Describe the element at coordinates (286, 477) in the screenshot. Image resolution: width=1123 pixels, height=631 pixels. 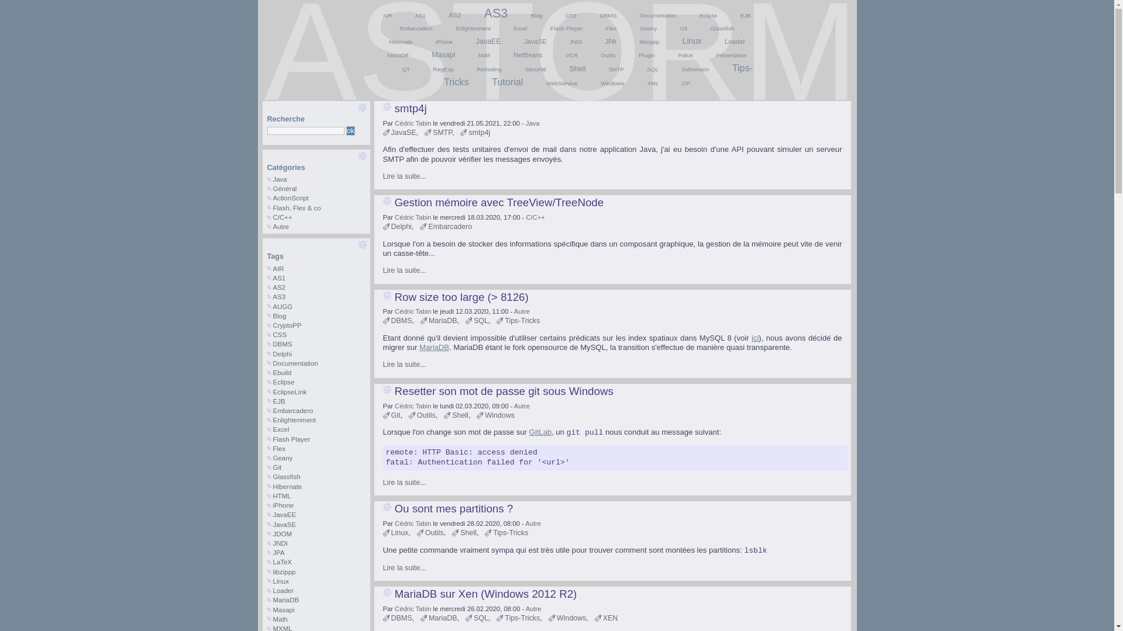
I see `'Glassfish'` at that location.